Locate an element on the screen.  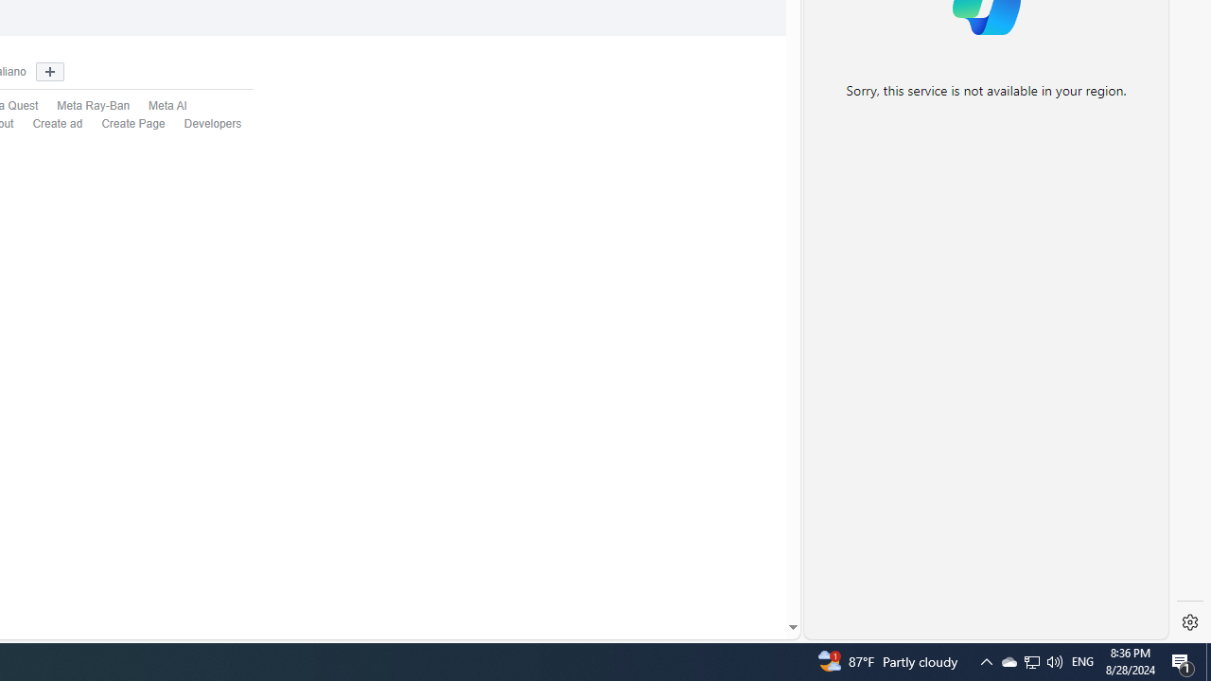
'Developers' is located at coordinates (203, 124).